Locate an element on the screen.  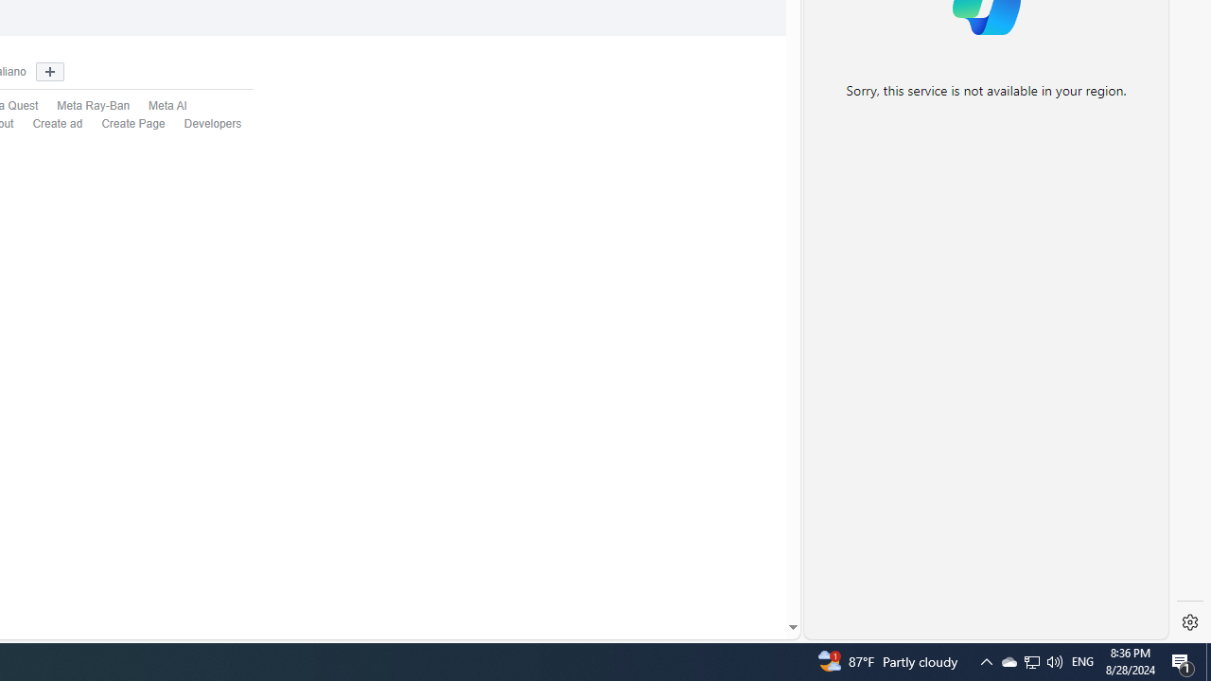
'Developers' is located at coordinates (203, 124).